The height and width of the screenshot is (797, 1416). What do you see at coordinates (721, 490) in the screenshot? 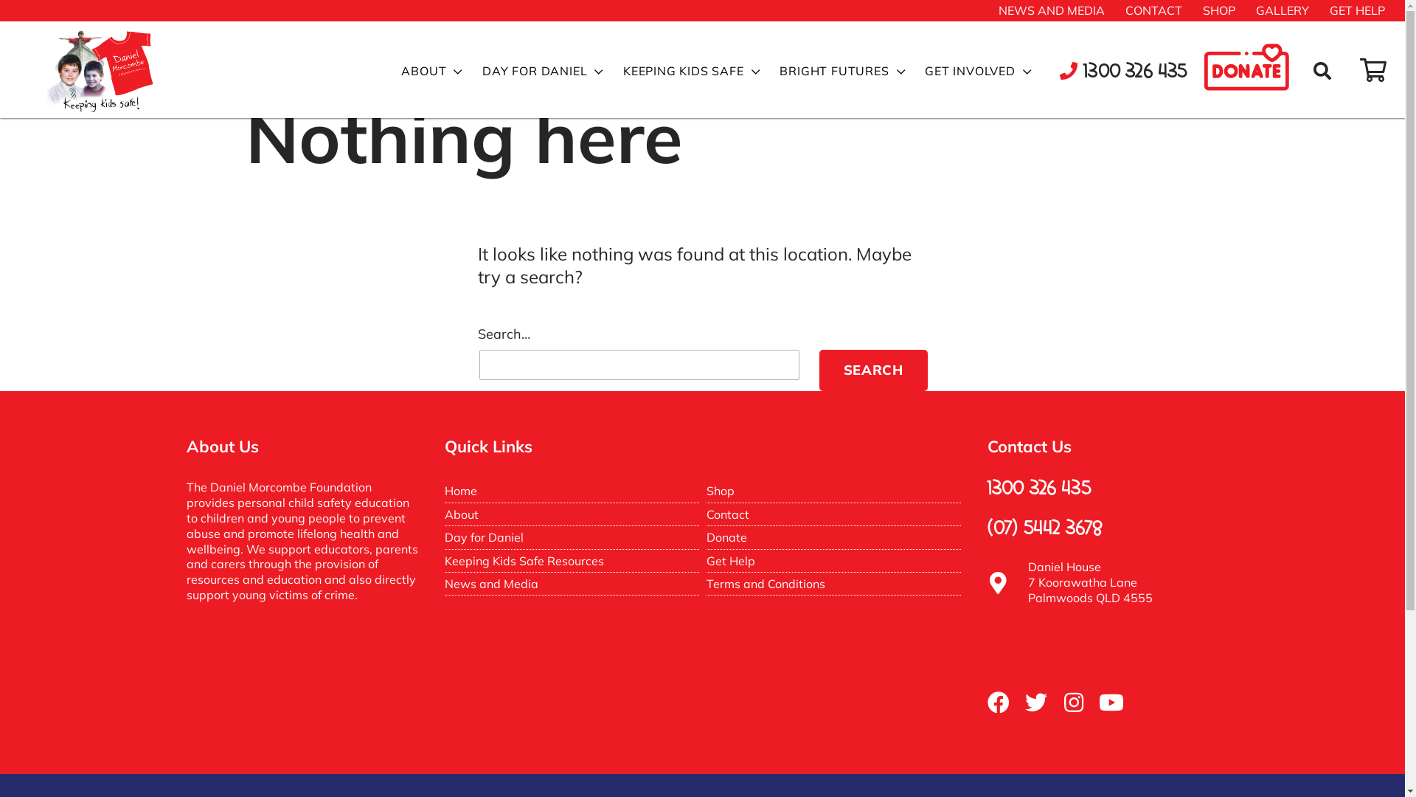
I see `'Shop'` at bounding box center [721, 490].